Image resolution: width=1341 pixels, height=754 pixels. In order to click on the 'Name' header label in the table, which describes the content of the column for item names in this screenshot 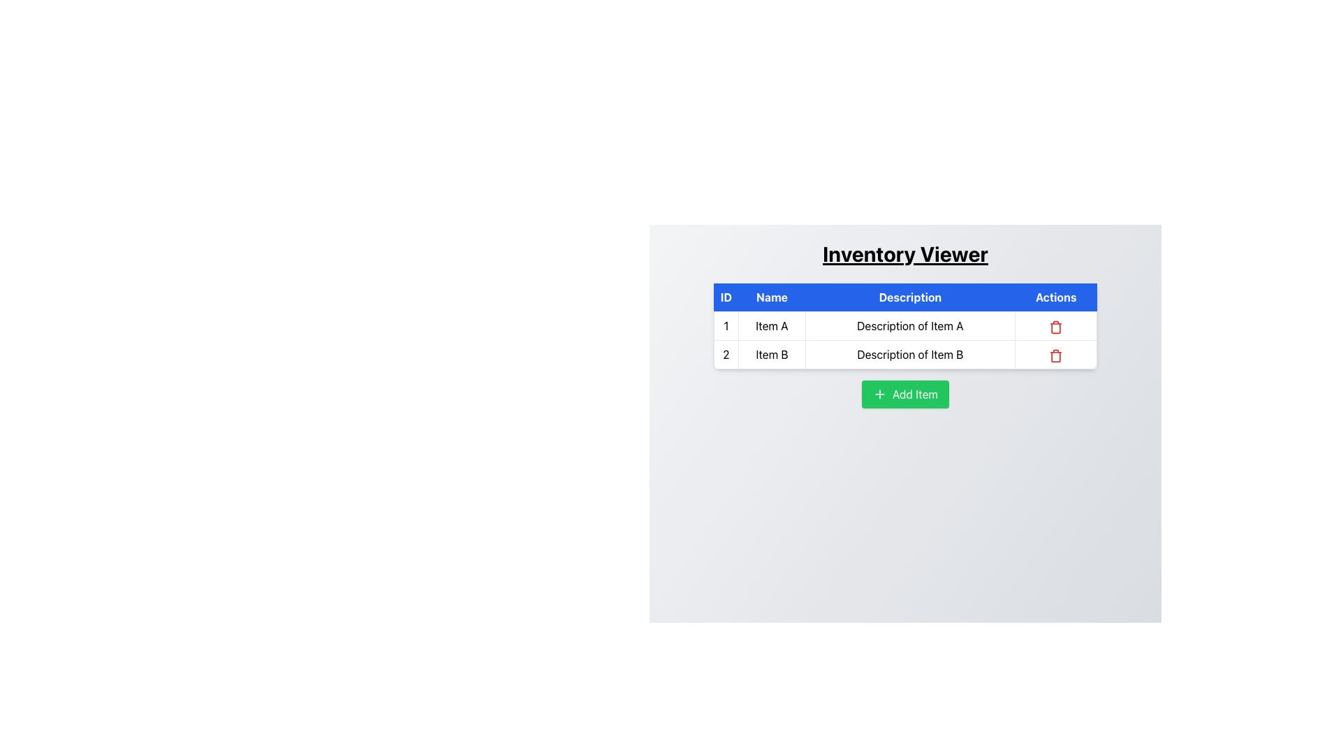, I will do `click(771, 297)`.